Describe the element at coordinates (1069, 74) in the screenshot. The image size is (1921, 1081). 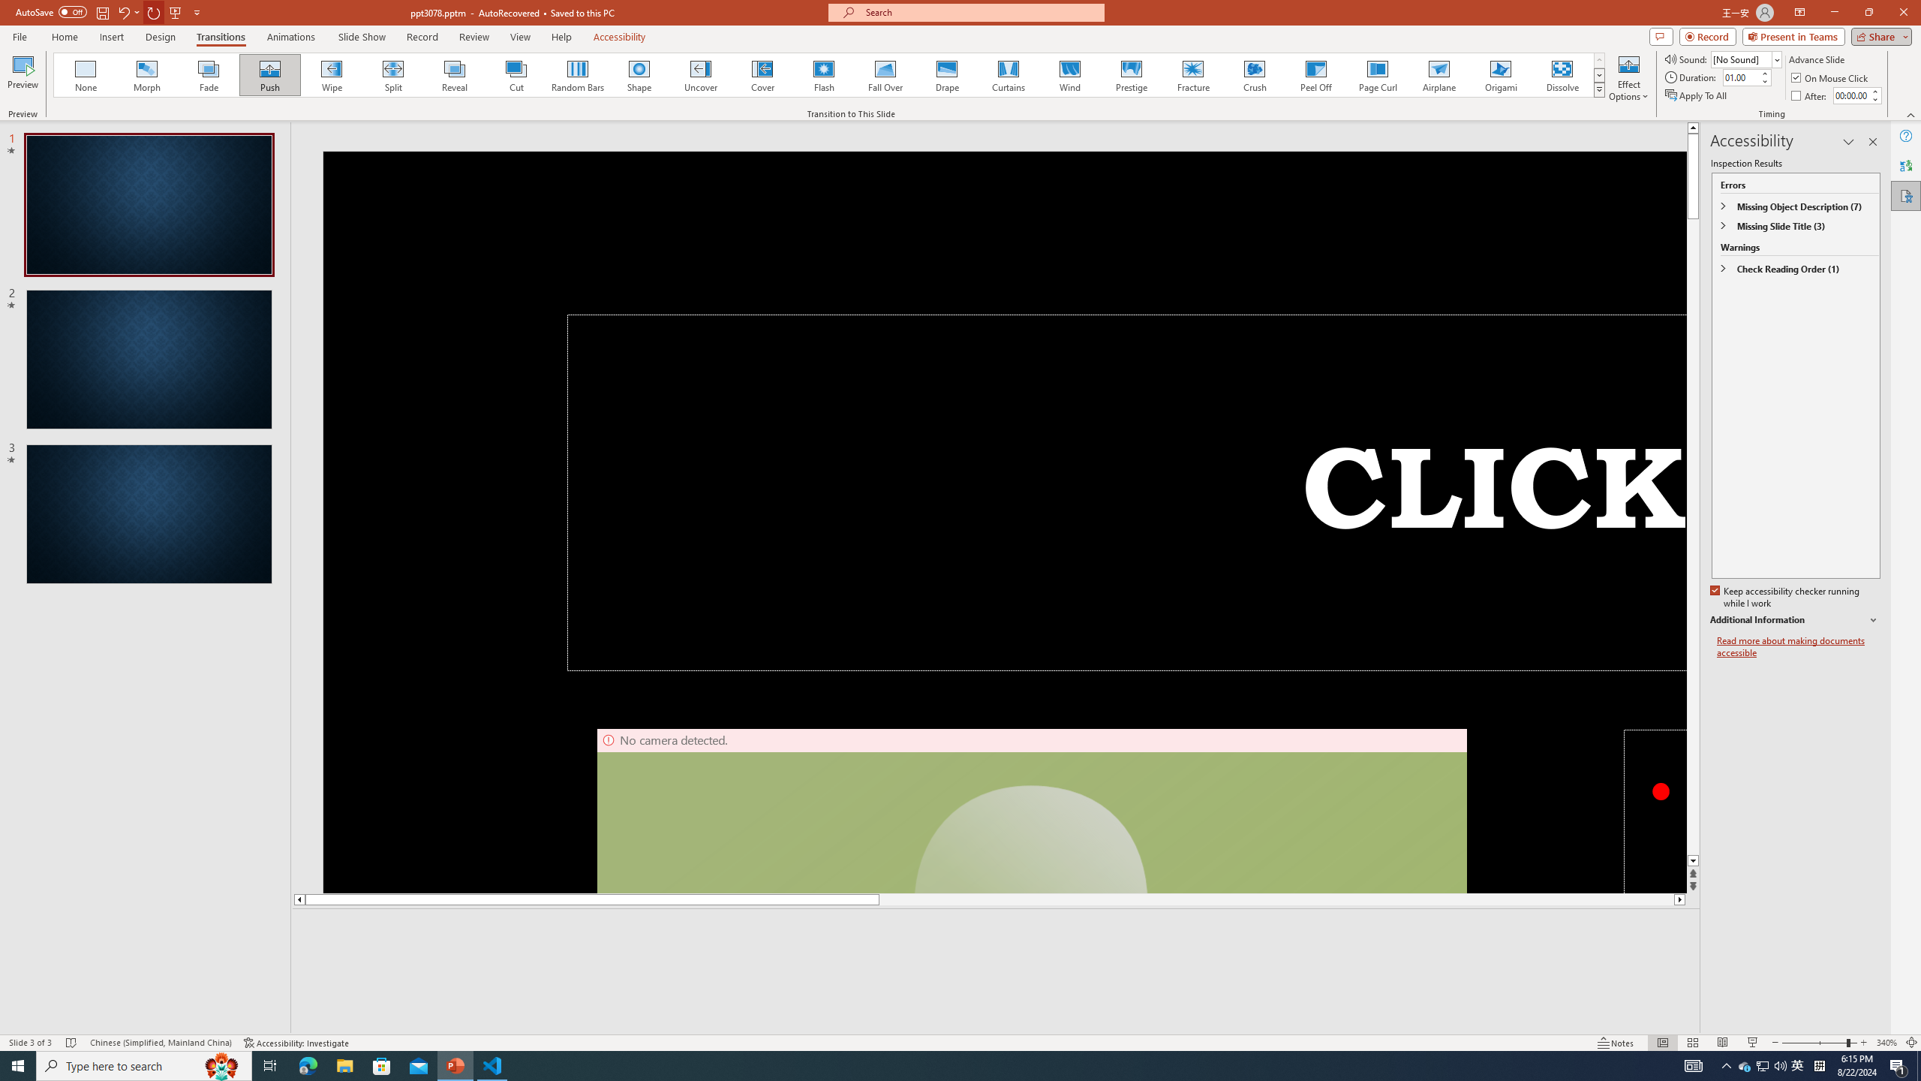
I see `'Wind'` at that location.